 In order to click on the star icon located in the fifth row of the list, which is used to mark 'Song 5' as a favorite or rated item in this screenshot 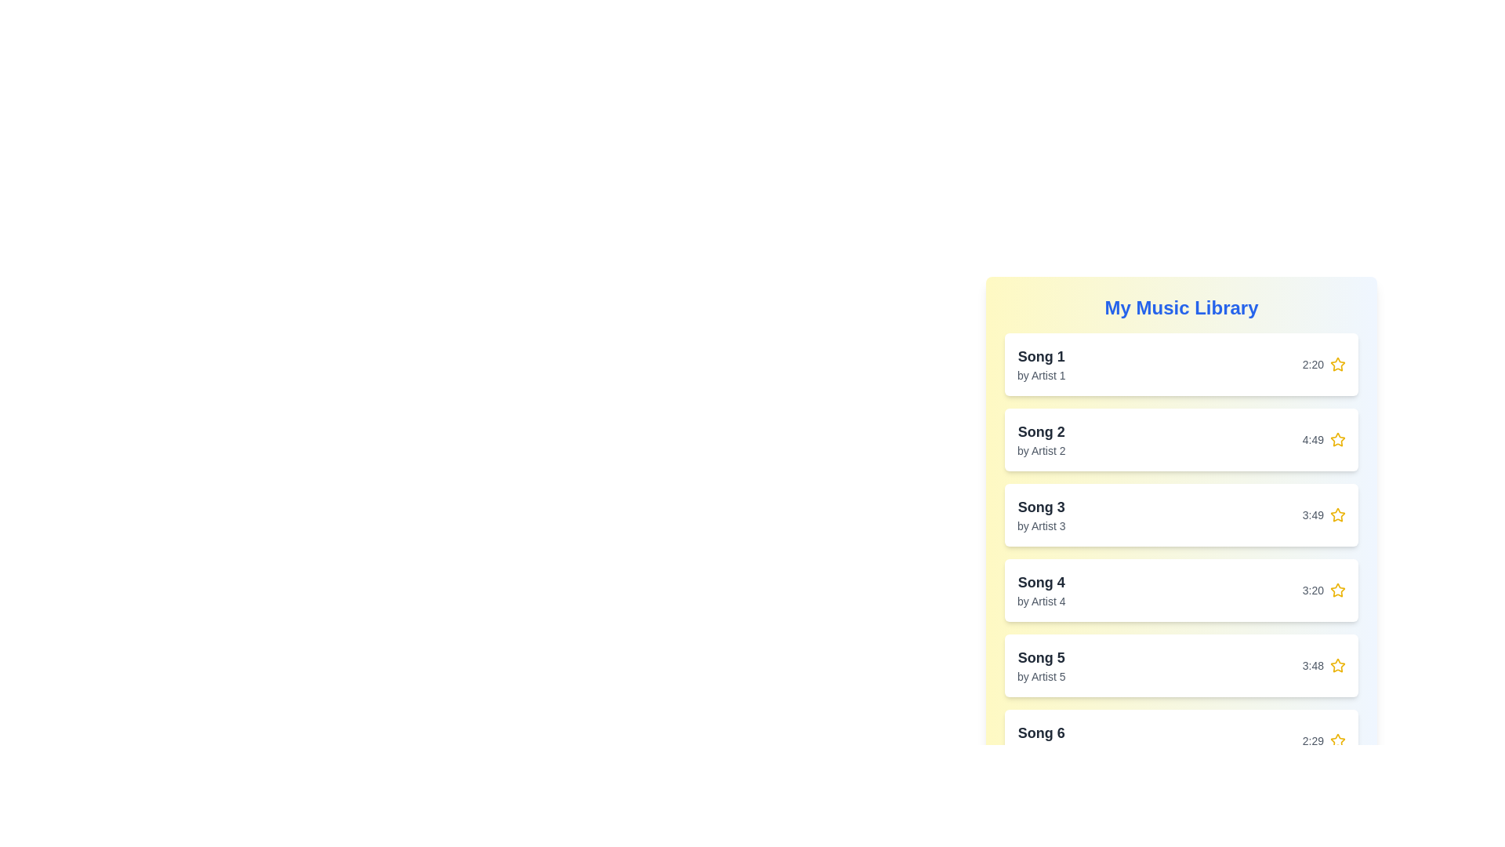, I will do `click(1337, 665)`.